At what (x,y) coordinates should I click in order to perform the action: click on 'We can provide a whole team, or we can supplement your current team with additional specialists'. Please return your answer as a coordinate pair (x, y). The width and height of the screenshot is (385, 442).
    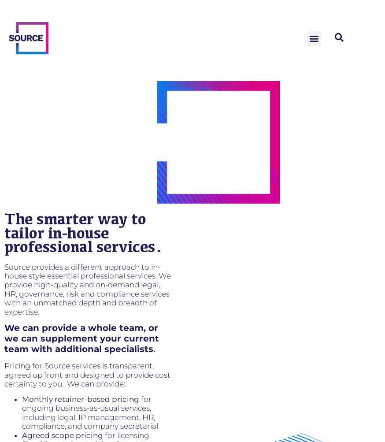
    Looking at the image, I should click on (4, 338).